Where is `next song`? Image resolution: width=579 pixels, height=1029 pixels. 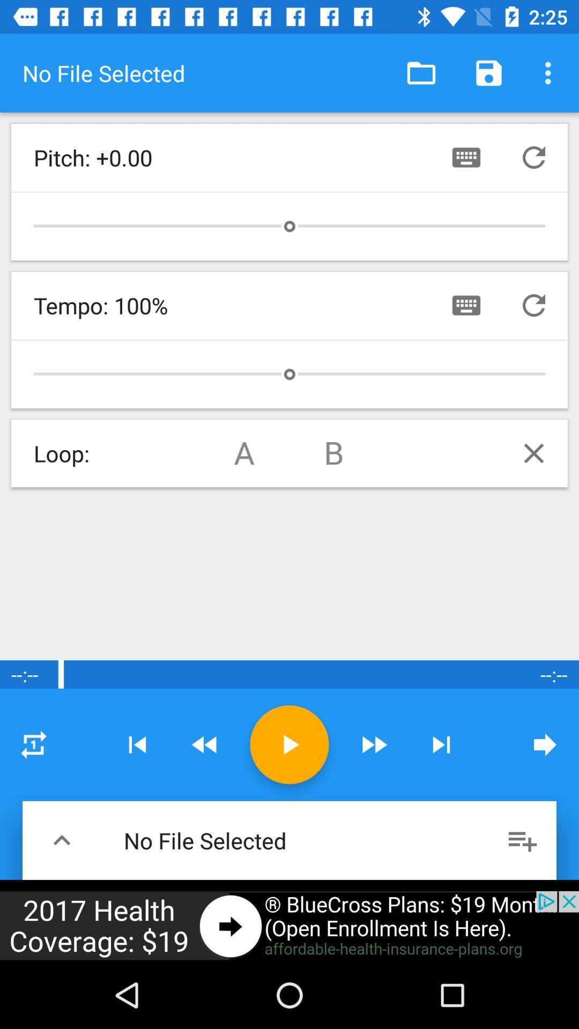
next song is located at coordinates (441, 744).